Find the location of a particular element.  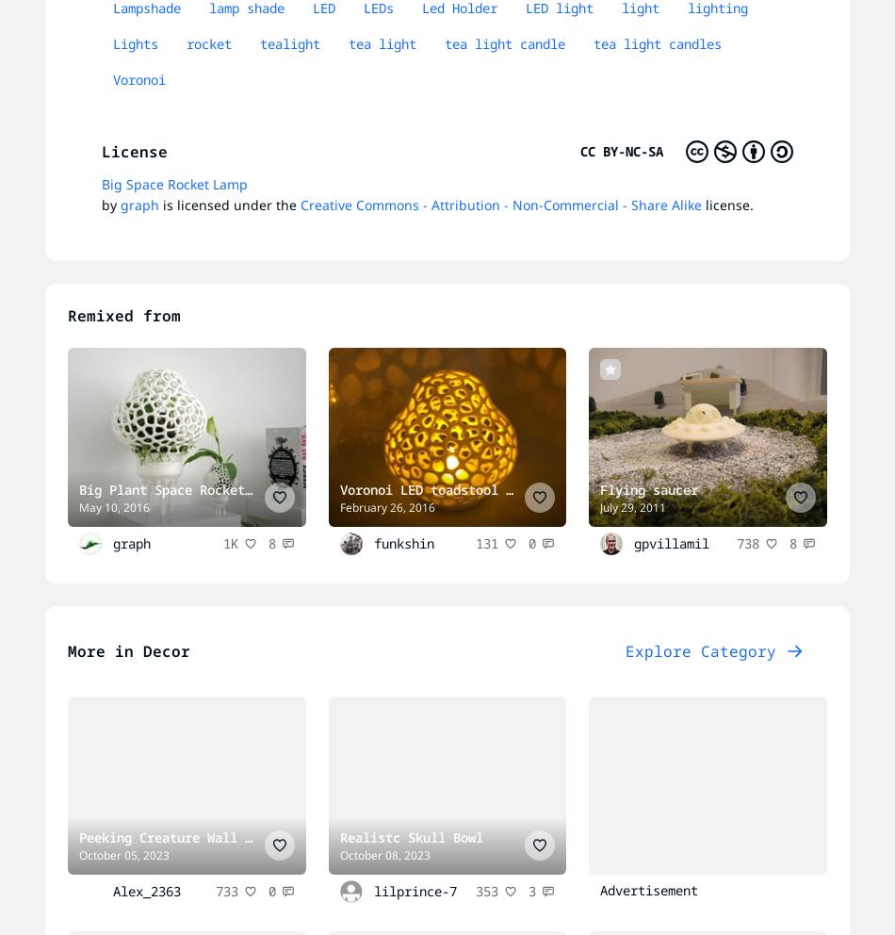

'October 08, 2023' is located at coordinates (383, 855).